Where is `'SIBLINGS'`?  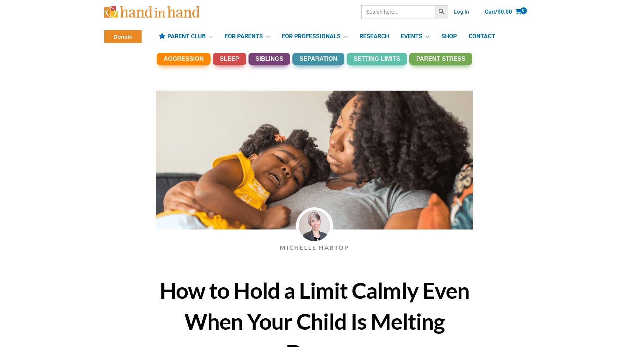 'SIBLINGS' is located at coordinates (268, 58).